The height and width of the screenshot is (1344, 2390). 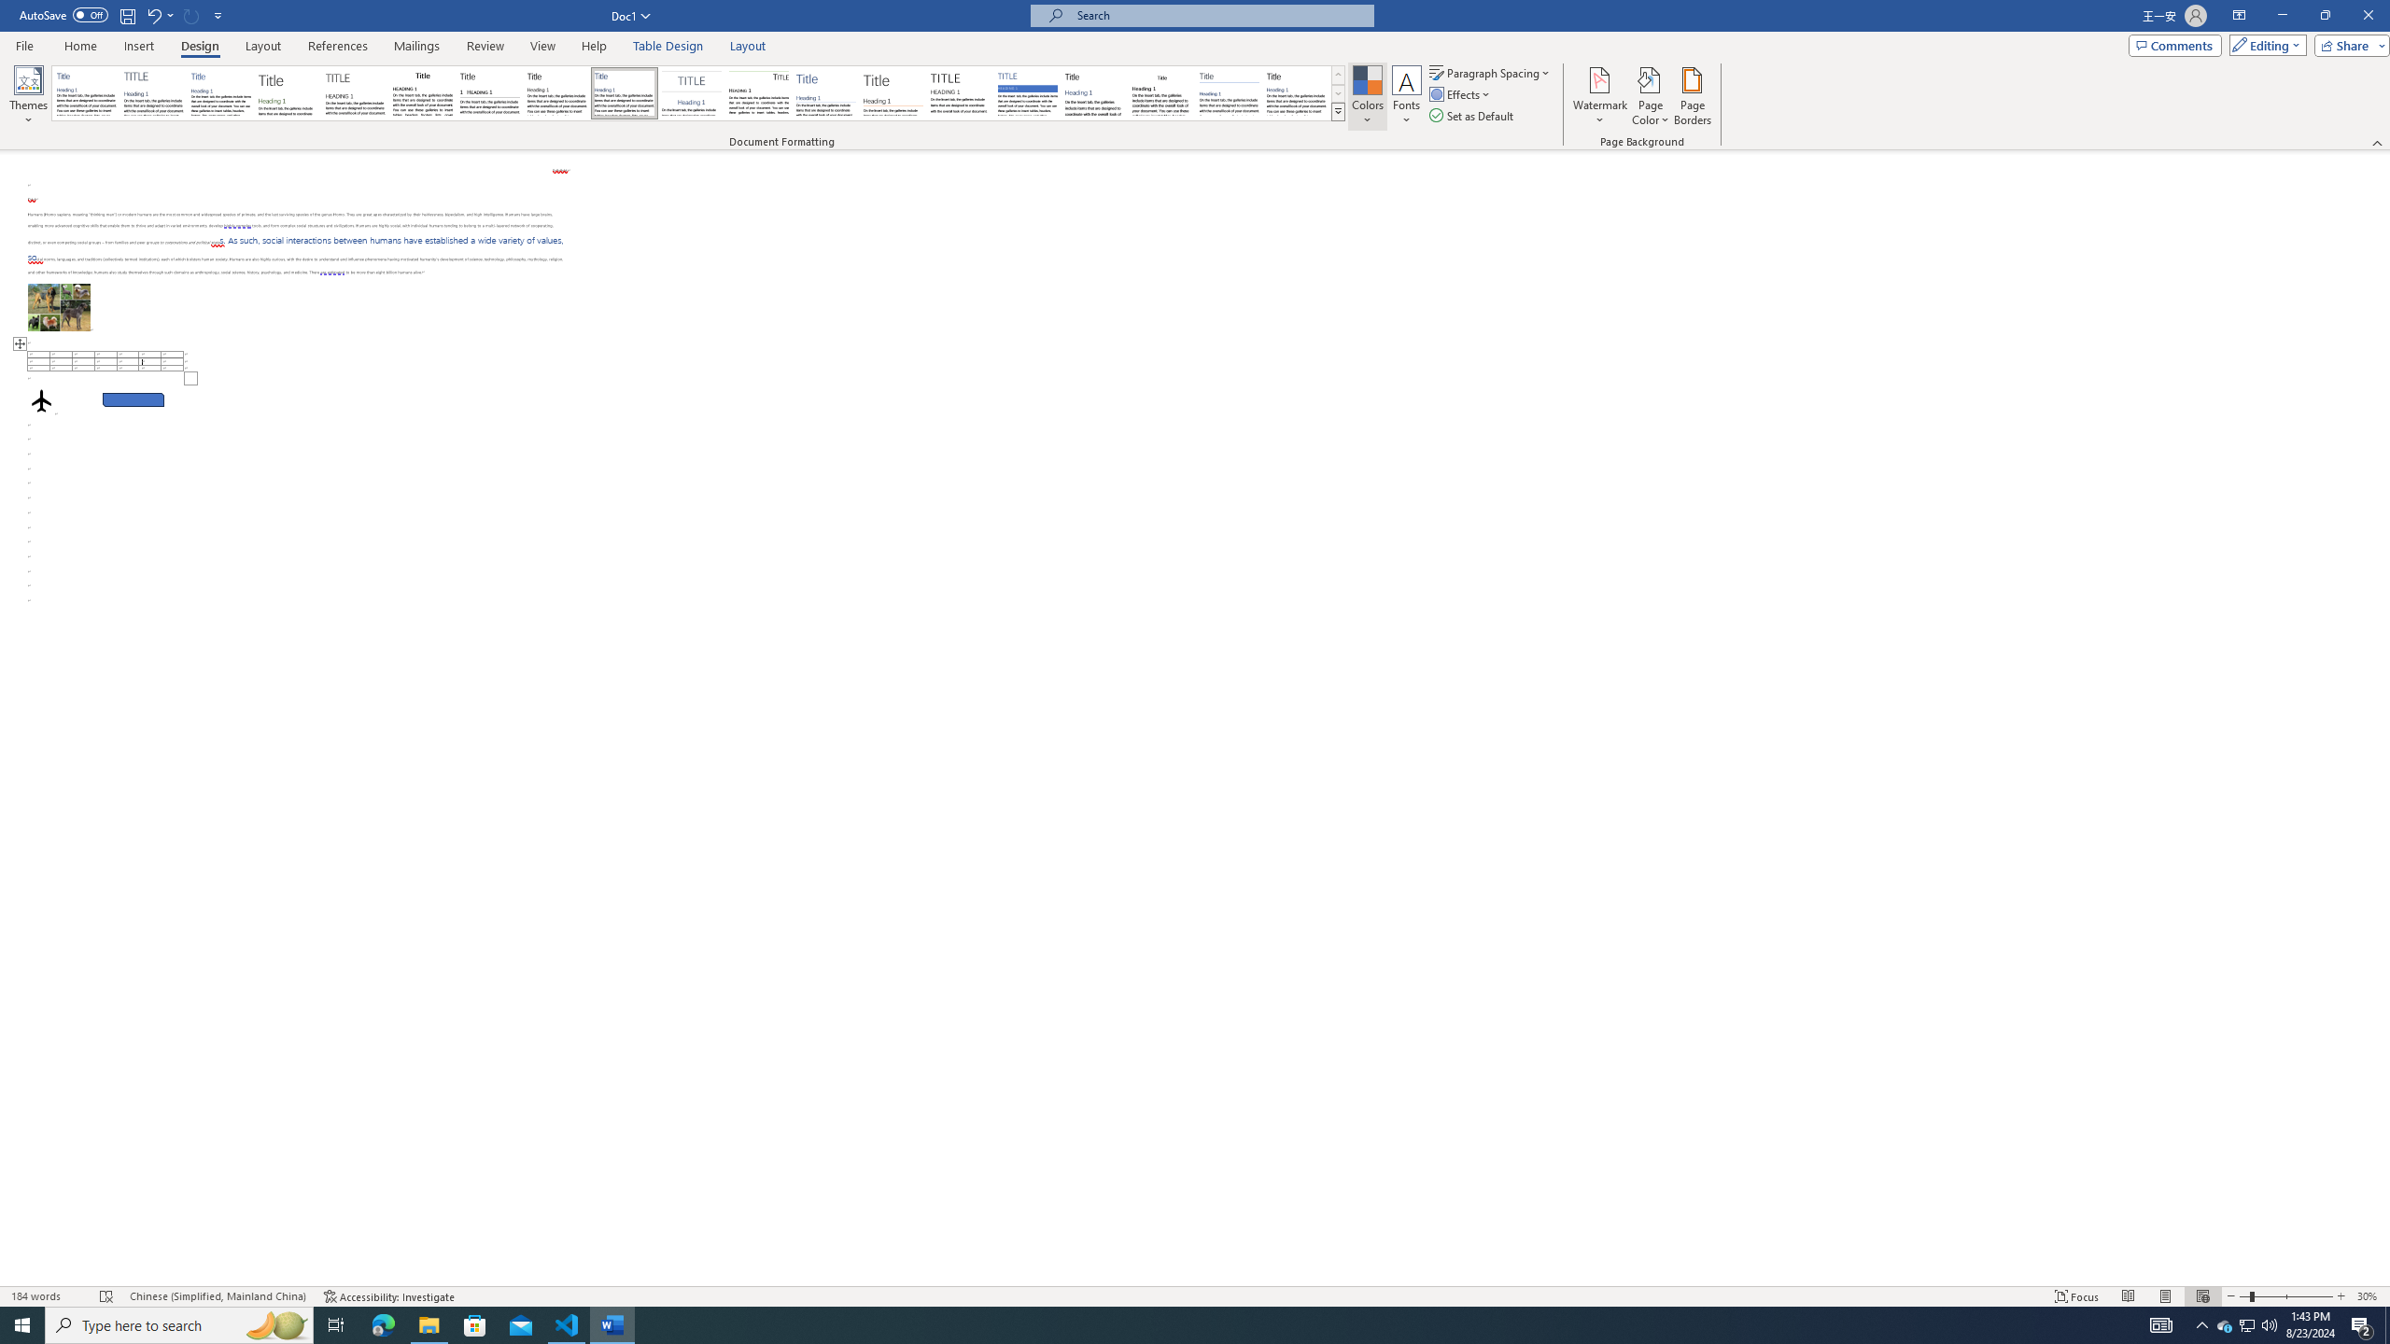 I want to click on 'Row Down', so click(x=1337, y=92).